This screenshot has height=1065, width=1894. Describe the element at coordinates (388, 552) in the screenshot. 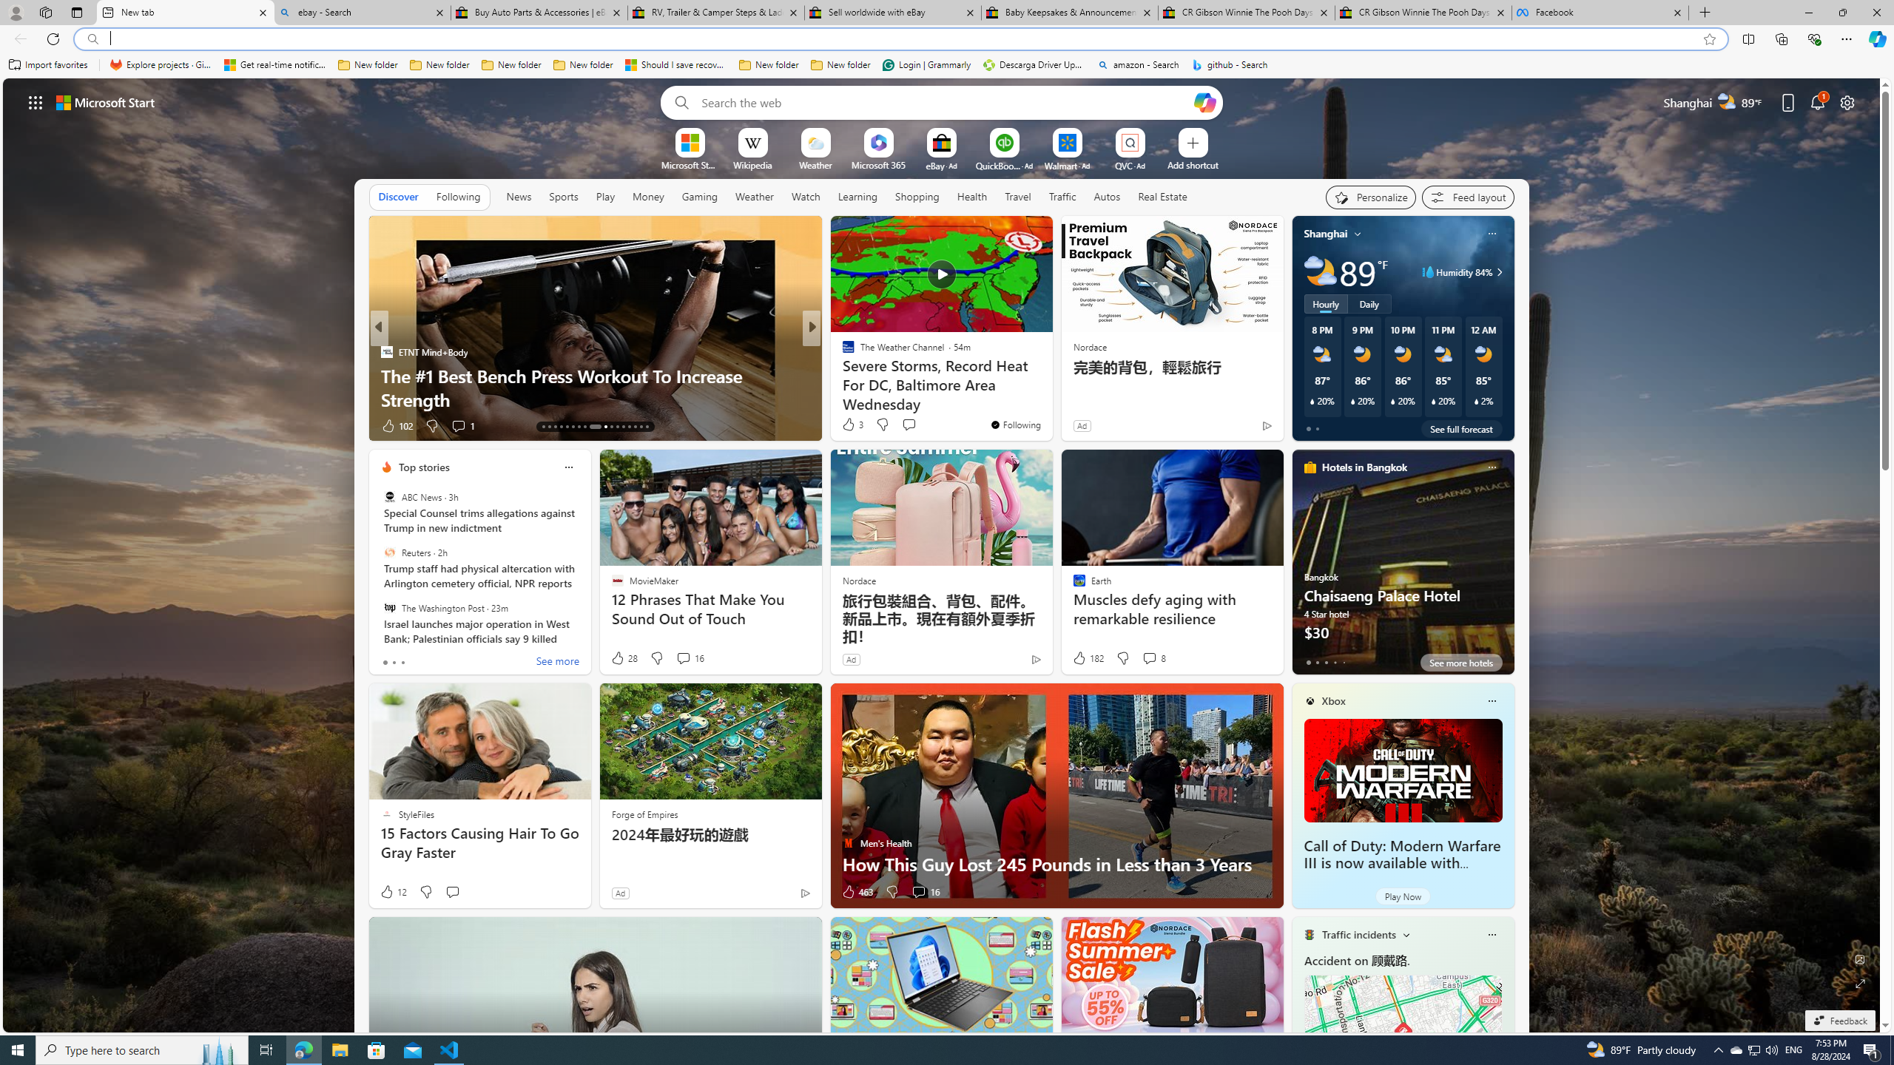

I see `'Reuters'` at that location.